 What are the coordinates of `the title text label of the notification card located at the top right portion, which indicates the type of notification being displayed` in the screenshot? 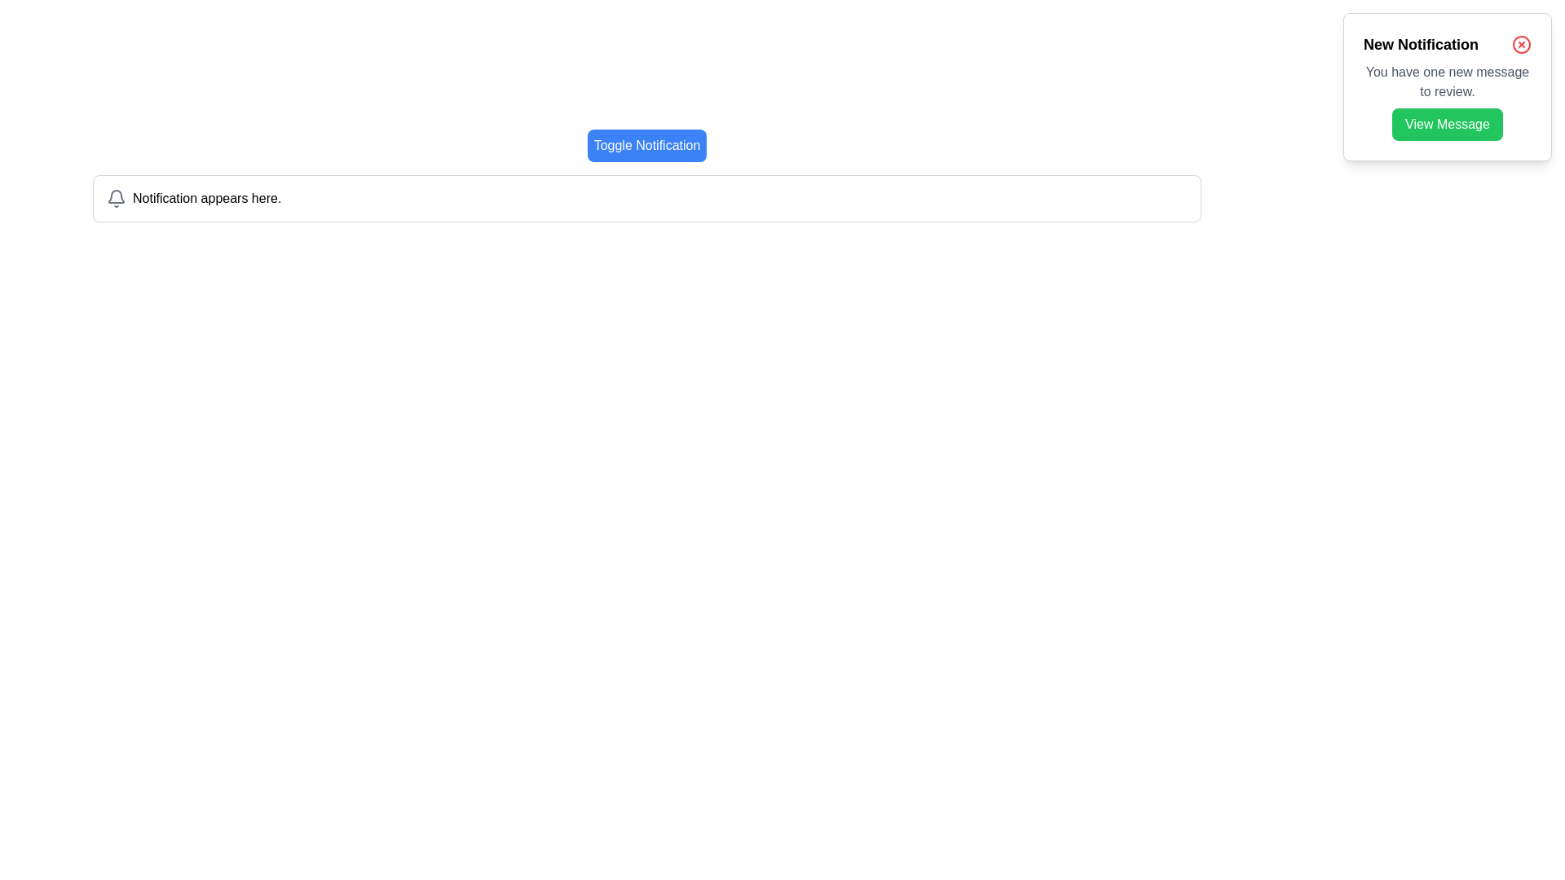 It's located at (1448, 43).